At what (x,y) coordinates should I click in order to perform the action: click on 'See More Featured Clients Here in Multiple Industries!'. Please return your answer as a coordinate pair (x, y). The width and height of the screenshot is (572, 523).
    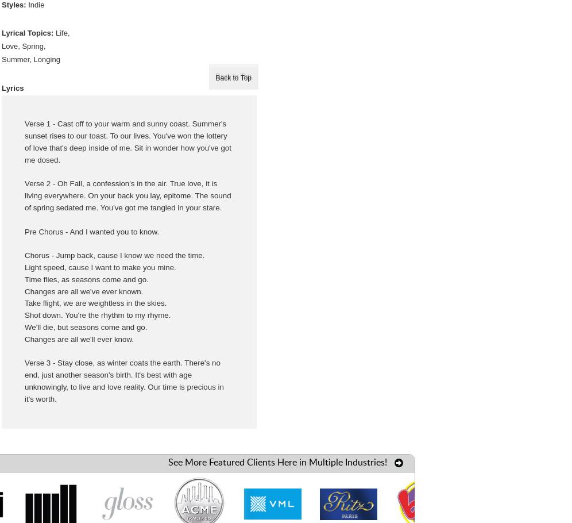
    Looking at the image, I should click on (276, 461).